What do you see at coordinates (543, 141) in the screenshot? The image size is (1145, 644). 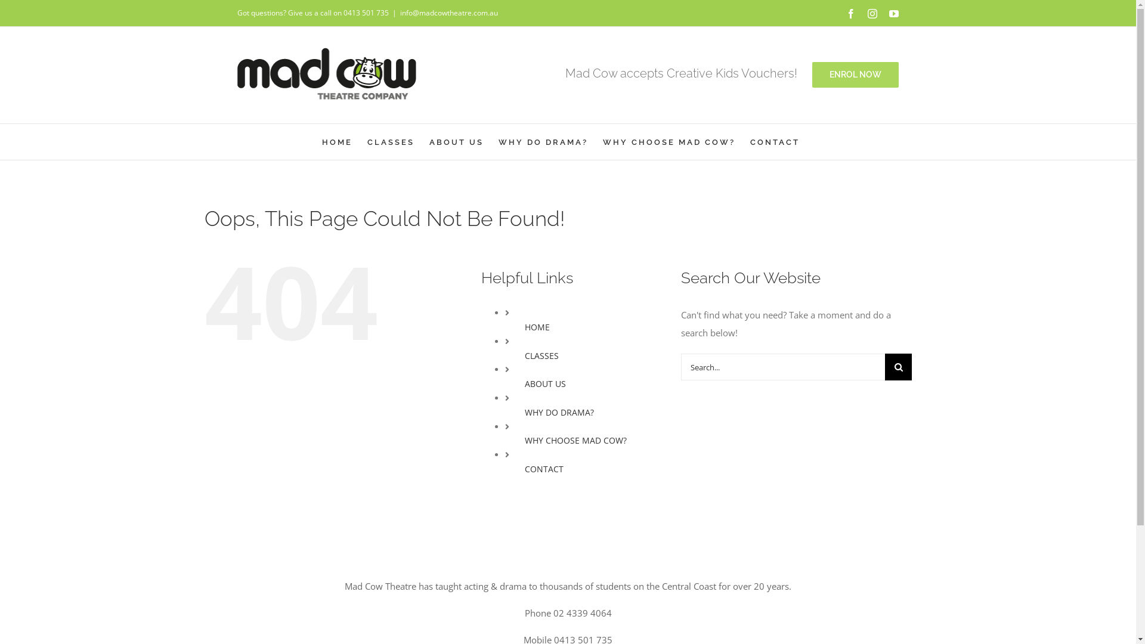 I see `'WHY DO DRAMA?'` at bounding box center [543, 141].